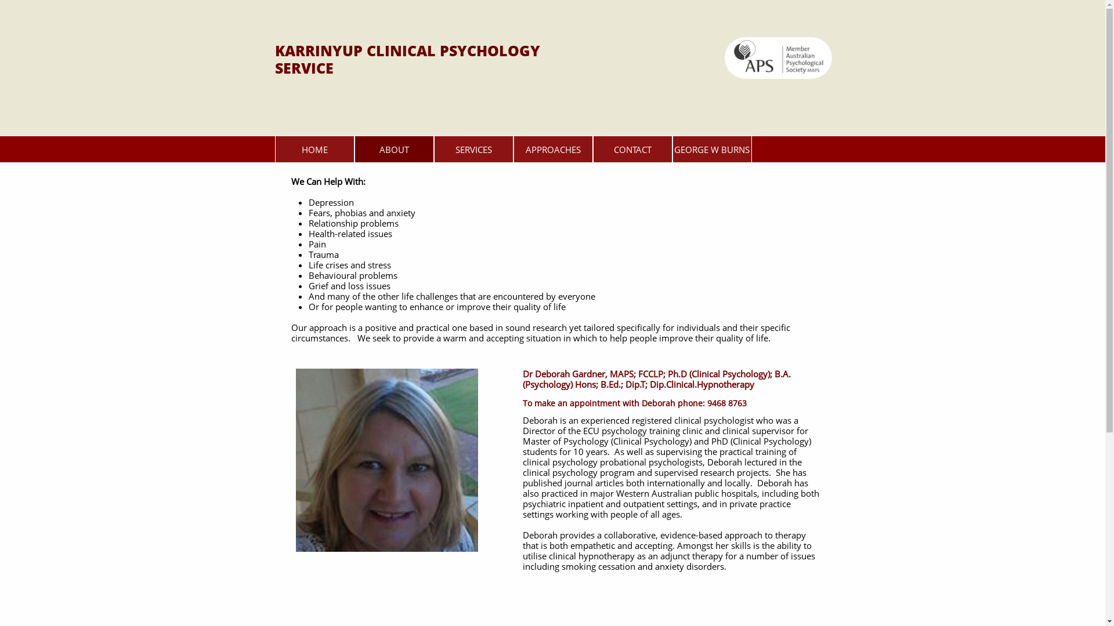 The height and width of the screenshot is (626, 1114). Describe the element at coordinates (393, 148) in the screenshot. I see `'ABOUT'` at that location.